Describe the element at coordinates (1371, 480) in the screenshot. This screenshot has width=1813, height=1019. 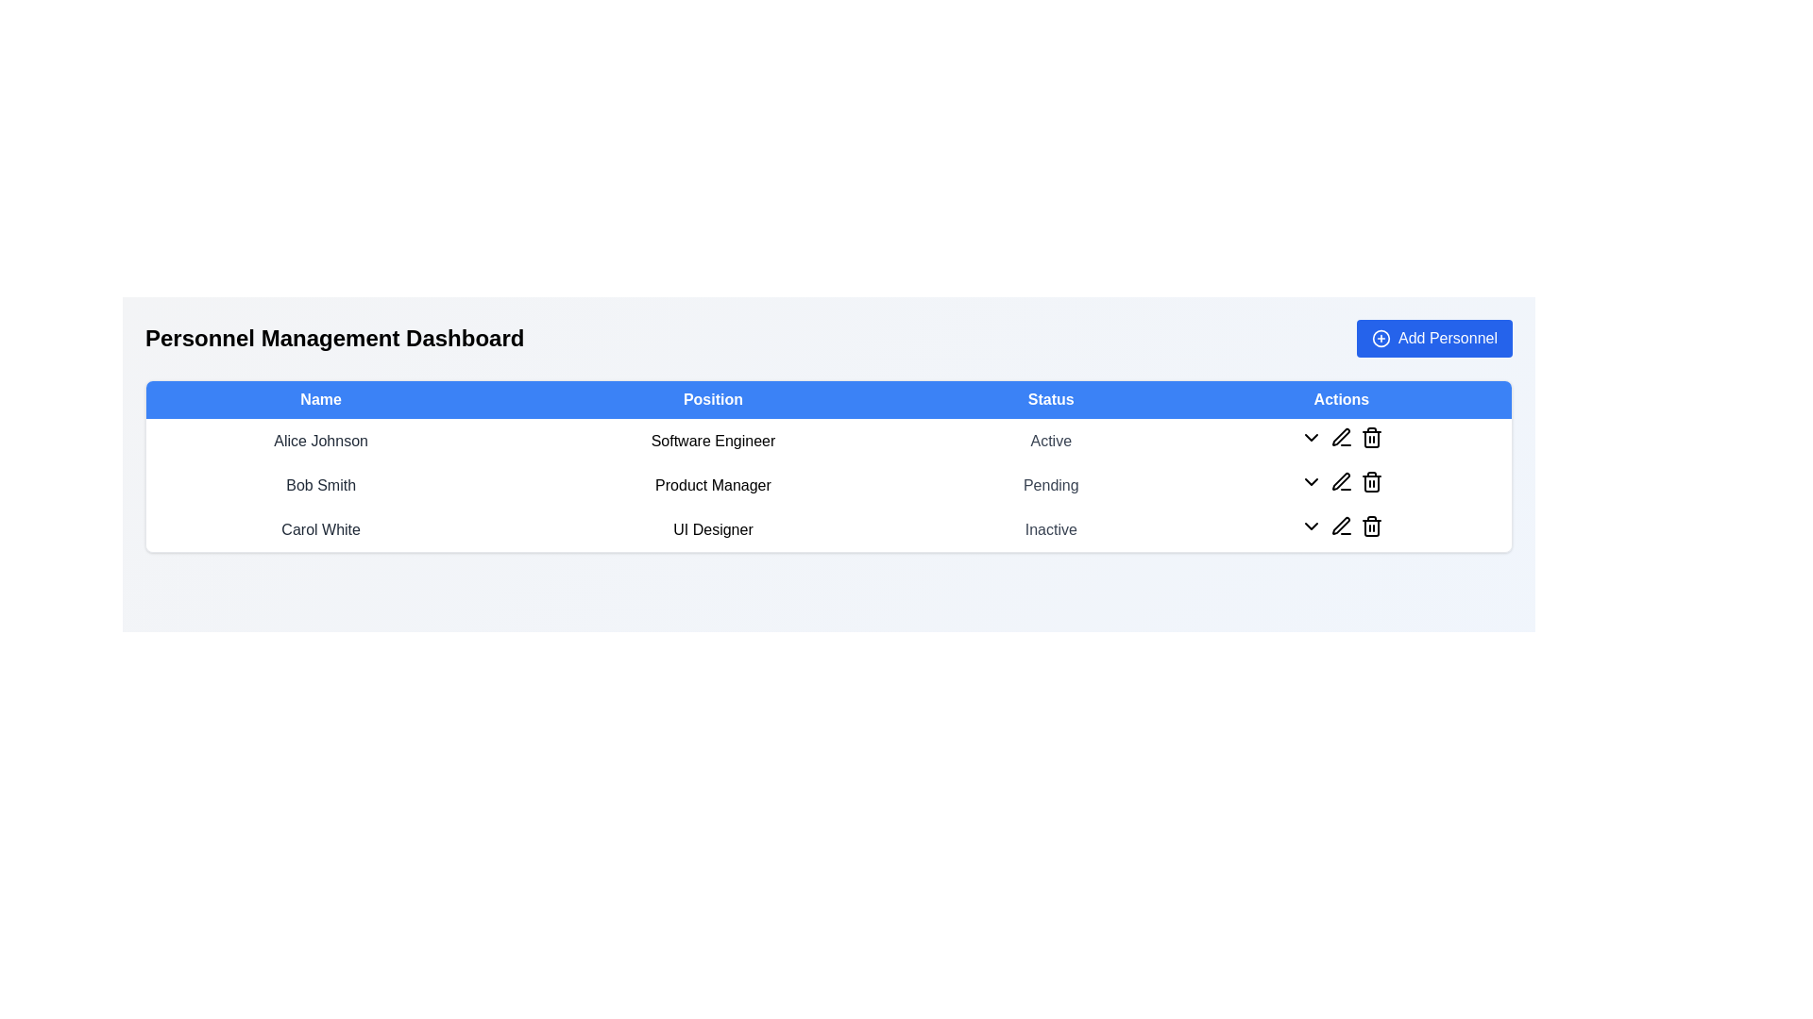
I see `the trash can icon located in the 'Actions' column of the second row of the table corresponding to 'Bob Smith - Product Manager - Pending' to initiate the delete action` at that location.